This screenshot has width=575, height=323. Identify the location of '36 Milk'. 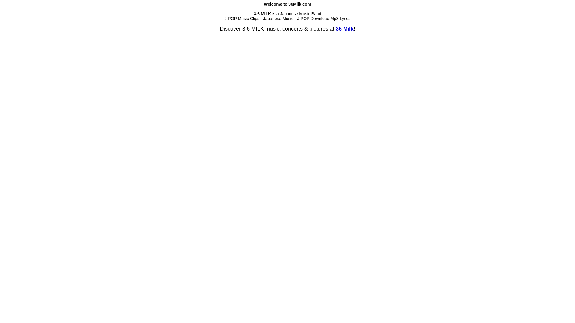
(345, 29).